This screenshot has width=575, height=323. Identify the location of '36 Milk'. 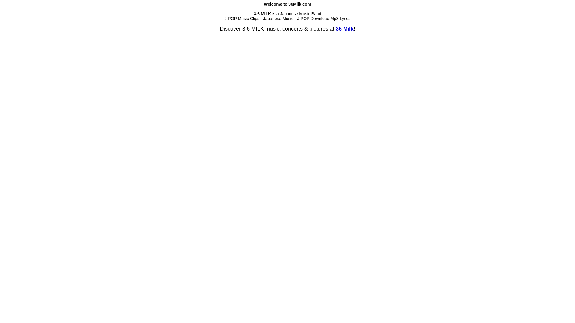
(345, 29).